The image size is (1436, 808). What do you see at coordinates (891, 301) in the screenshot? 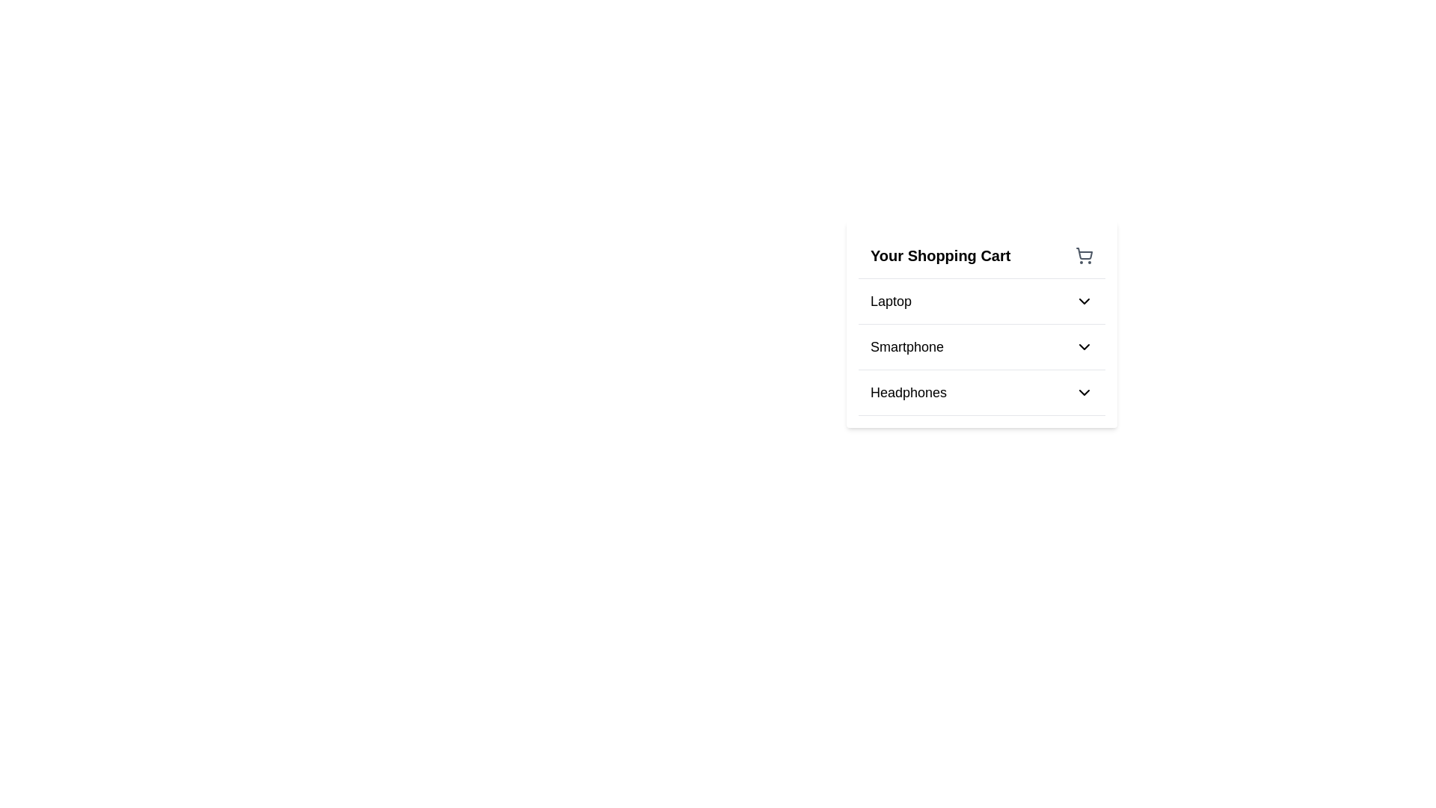
I see `the text label reading 'Laptop', which is styled in bold and larger font as the first item in the list beneath 'Your Shopping Cart'` at bounding box center [891, 301].